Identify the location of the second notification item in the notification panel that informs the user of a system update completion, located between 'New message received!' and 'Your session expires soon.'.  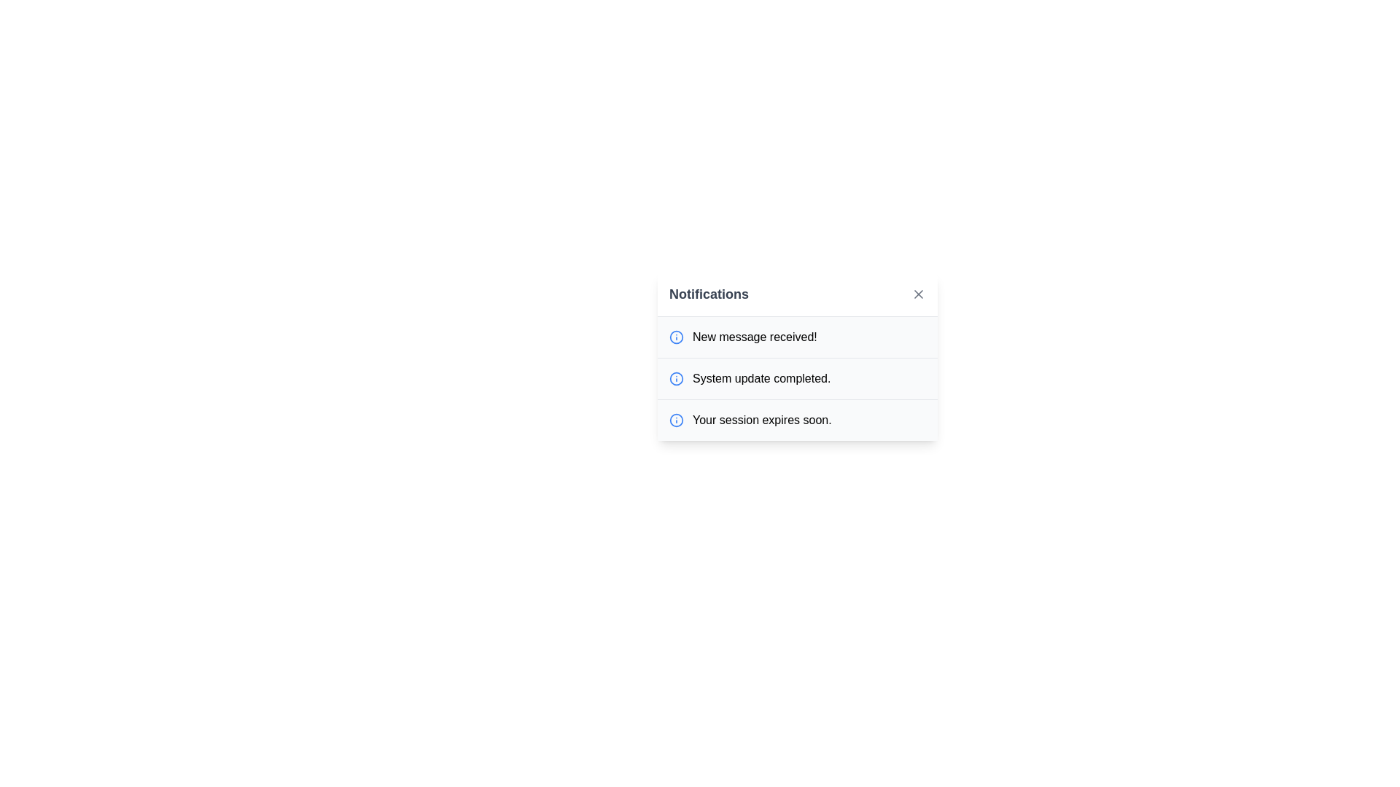
(750, 378).